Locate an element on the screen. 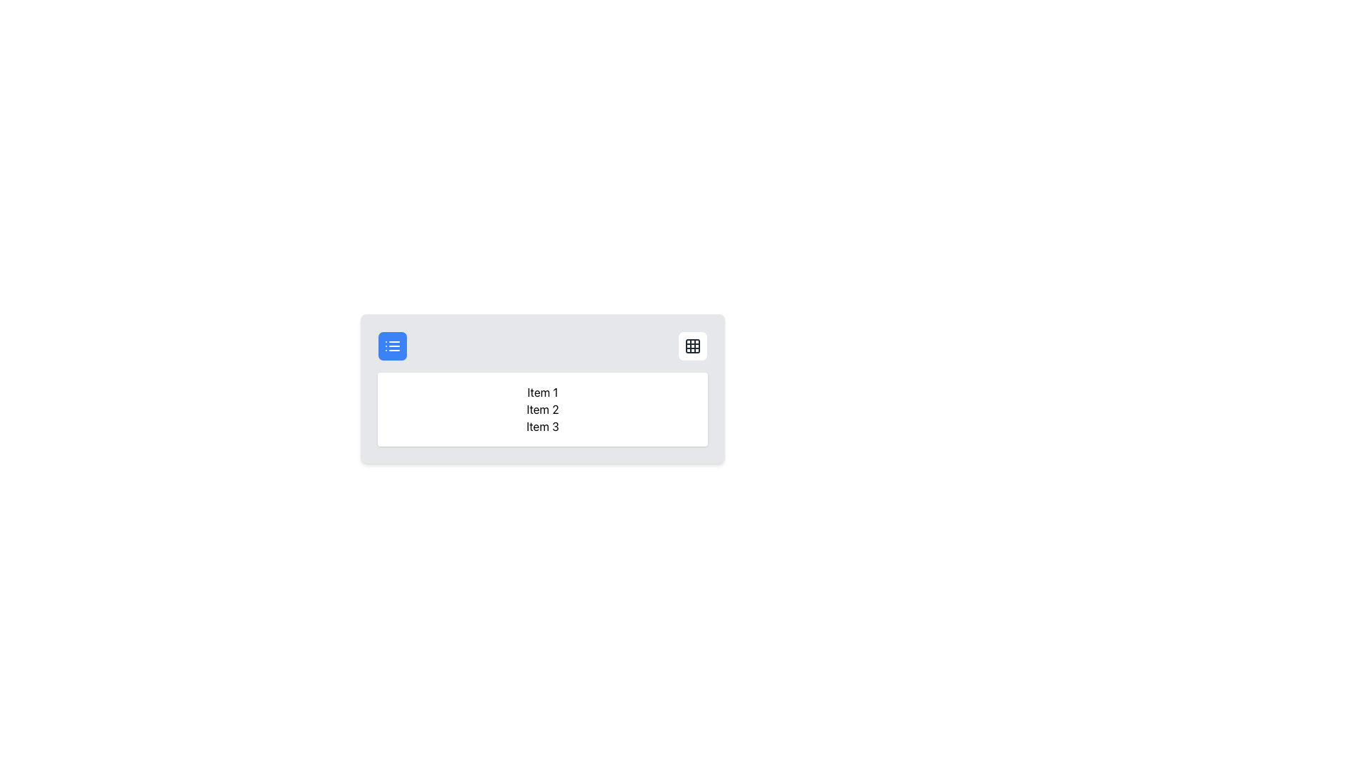 The height and width of the screenshot is (768, 1366). the top-left square of the 3x3 grid icon located at the top-right corner of the card-like interface is located at coordinates (693, 346).